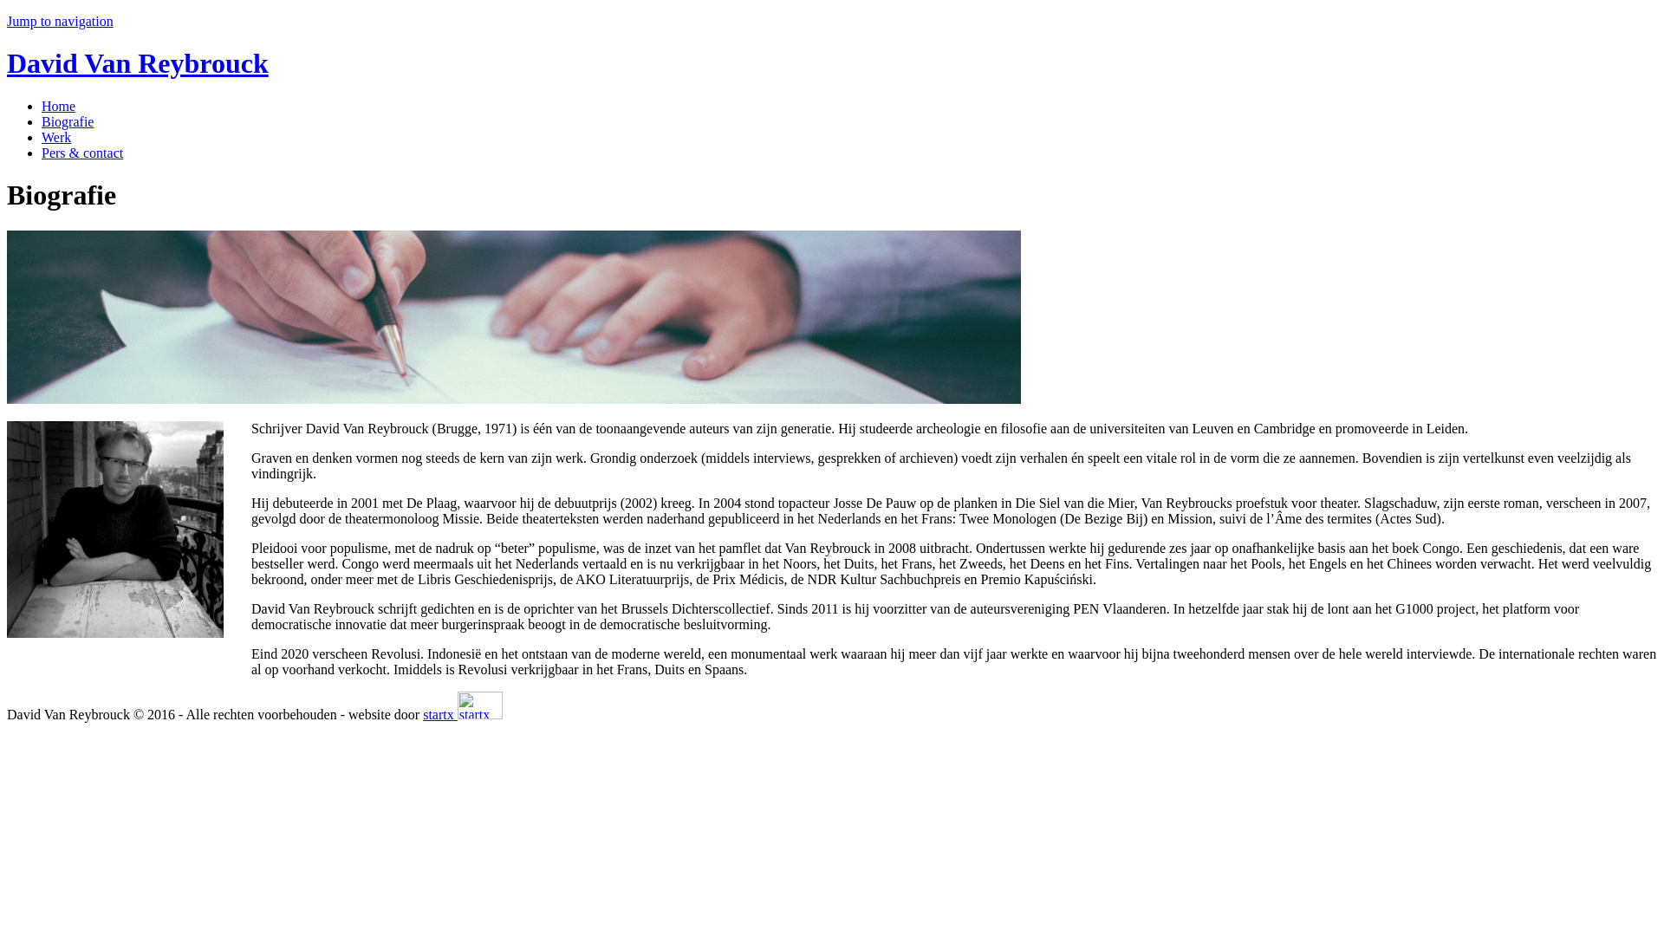 The height and width of the screenshot is (936, 1664). I want to click on 'David Van Reybrouck', so click(136, 62).